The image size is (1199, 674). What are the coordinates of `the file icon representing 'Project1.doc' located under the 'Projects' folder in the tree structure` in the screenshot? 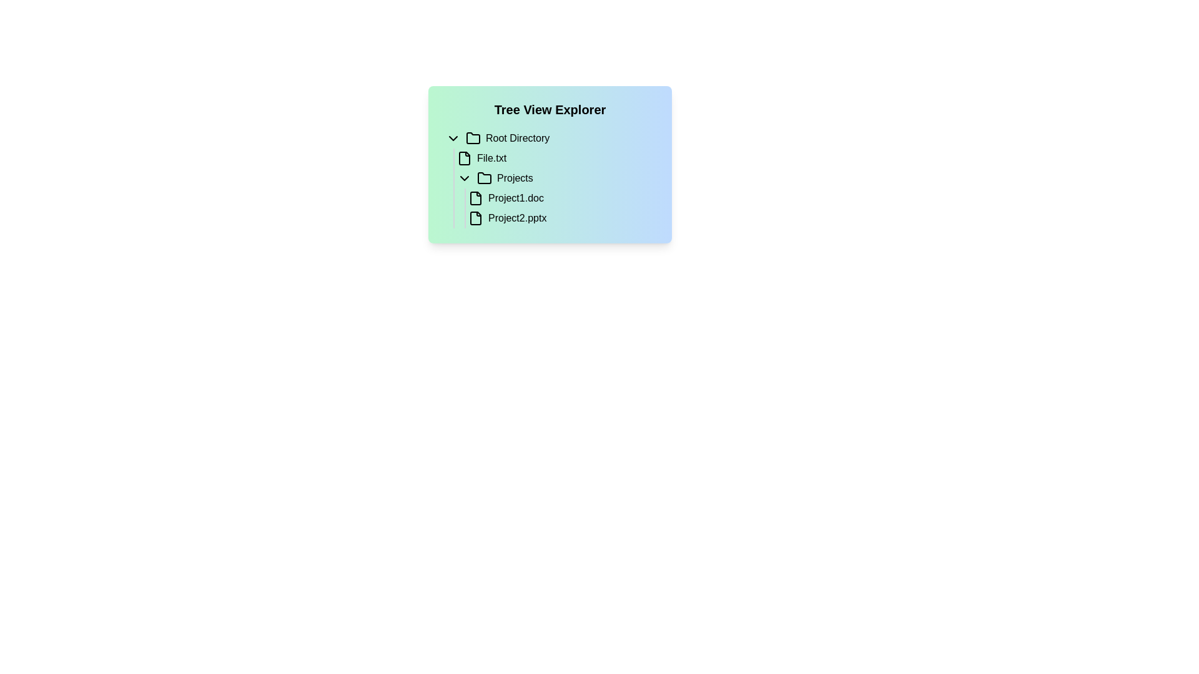 It's located at (475, 197).